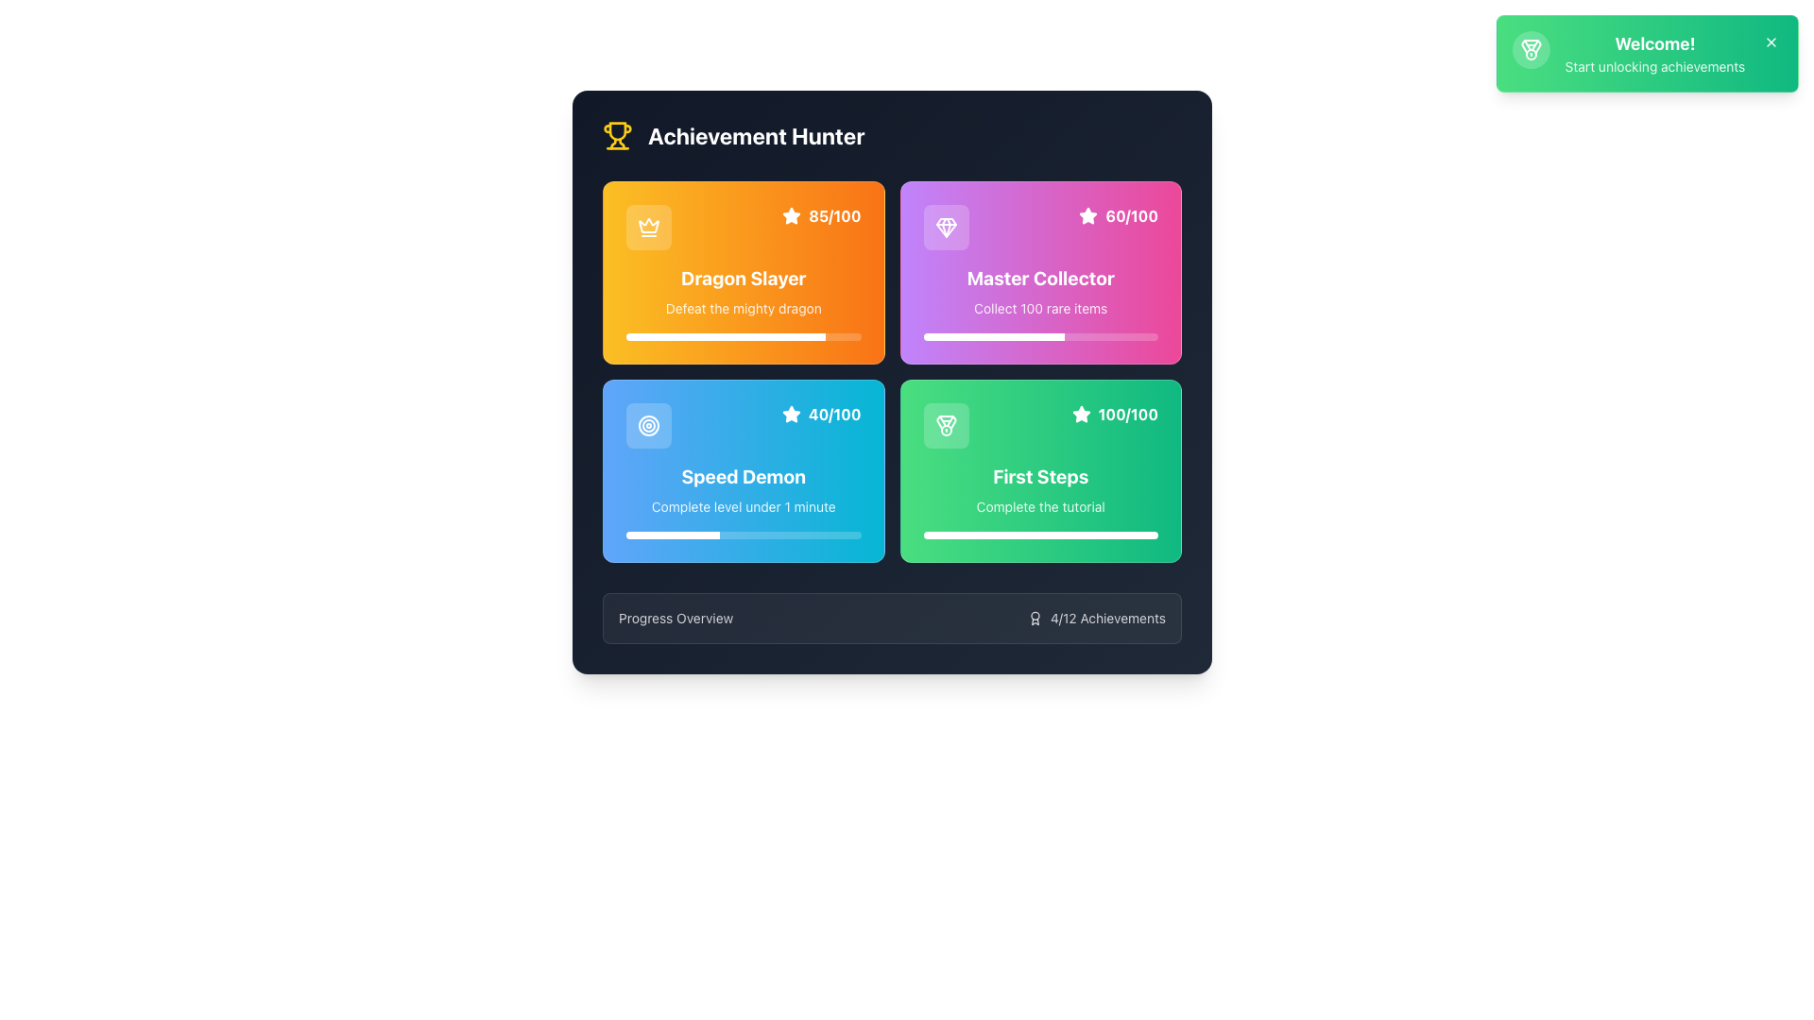 Image resolution: width=1814 pixels, height=1020 pixels. I want to click on descriptive text paragraph located within the top-left orange card titled 'Dragon Slayer', positioned just below the title, so click(743, 308).